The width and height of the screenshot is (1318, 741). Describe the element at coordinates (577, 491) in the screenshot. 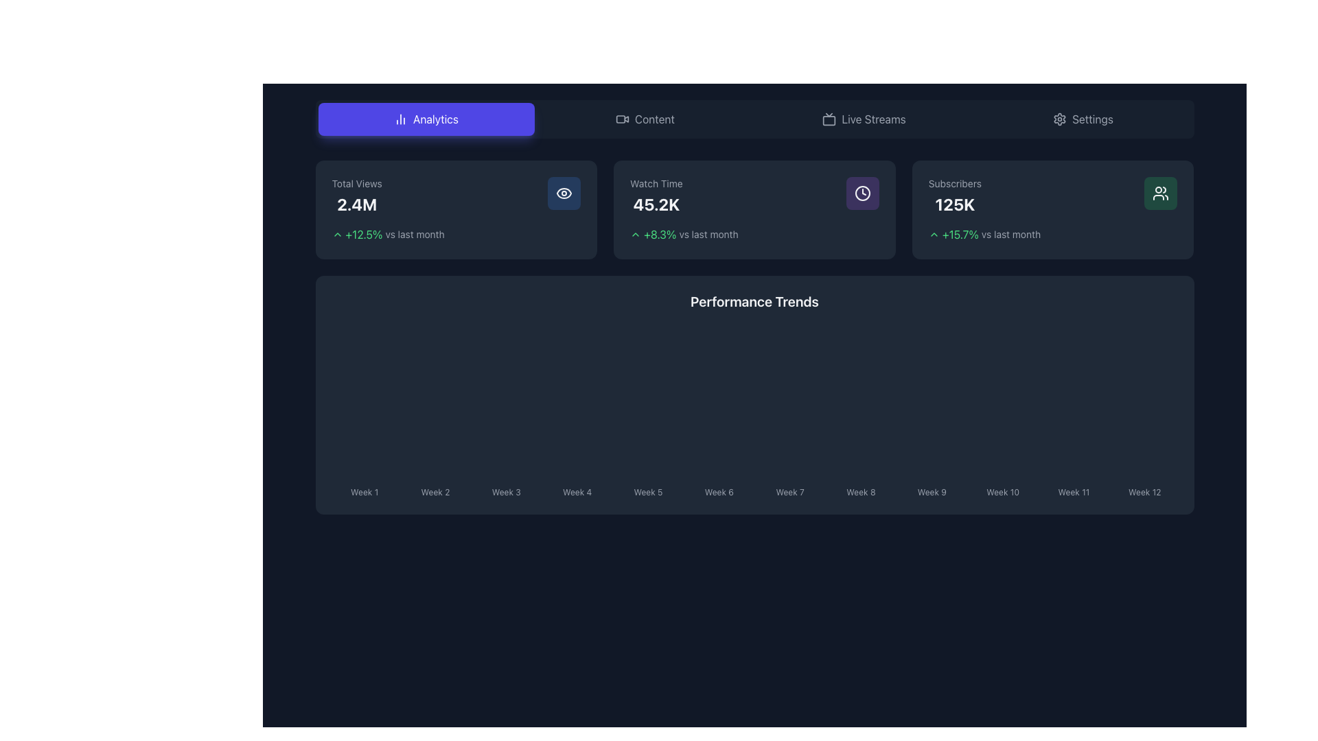

I see `the small text label reading 'Week 4', which is positioned below a rounded graphical element and is the fourth item in a row of week indicators` at that location.